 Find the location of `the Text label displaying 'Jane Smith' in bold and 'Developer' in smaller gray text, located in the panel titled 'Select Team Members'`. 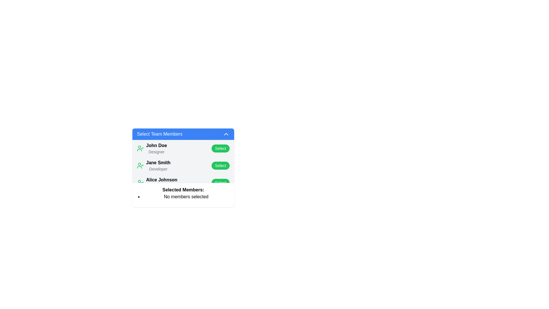

the Text label displaying 'Jane Smith' in bold and 'Developer' in smaller gray text, located in the panel titled 'Select Team Members' is located at coordinates (158, 165).